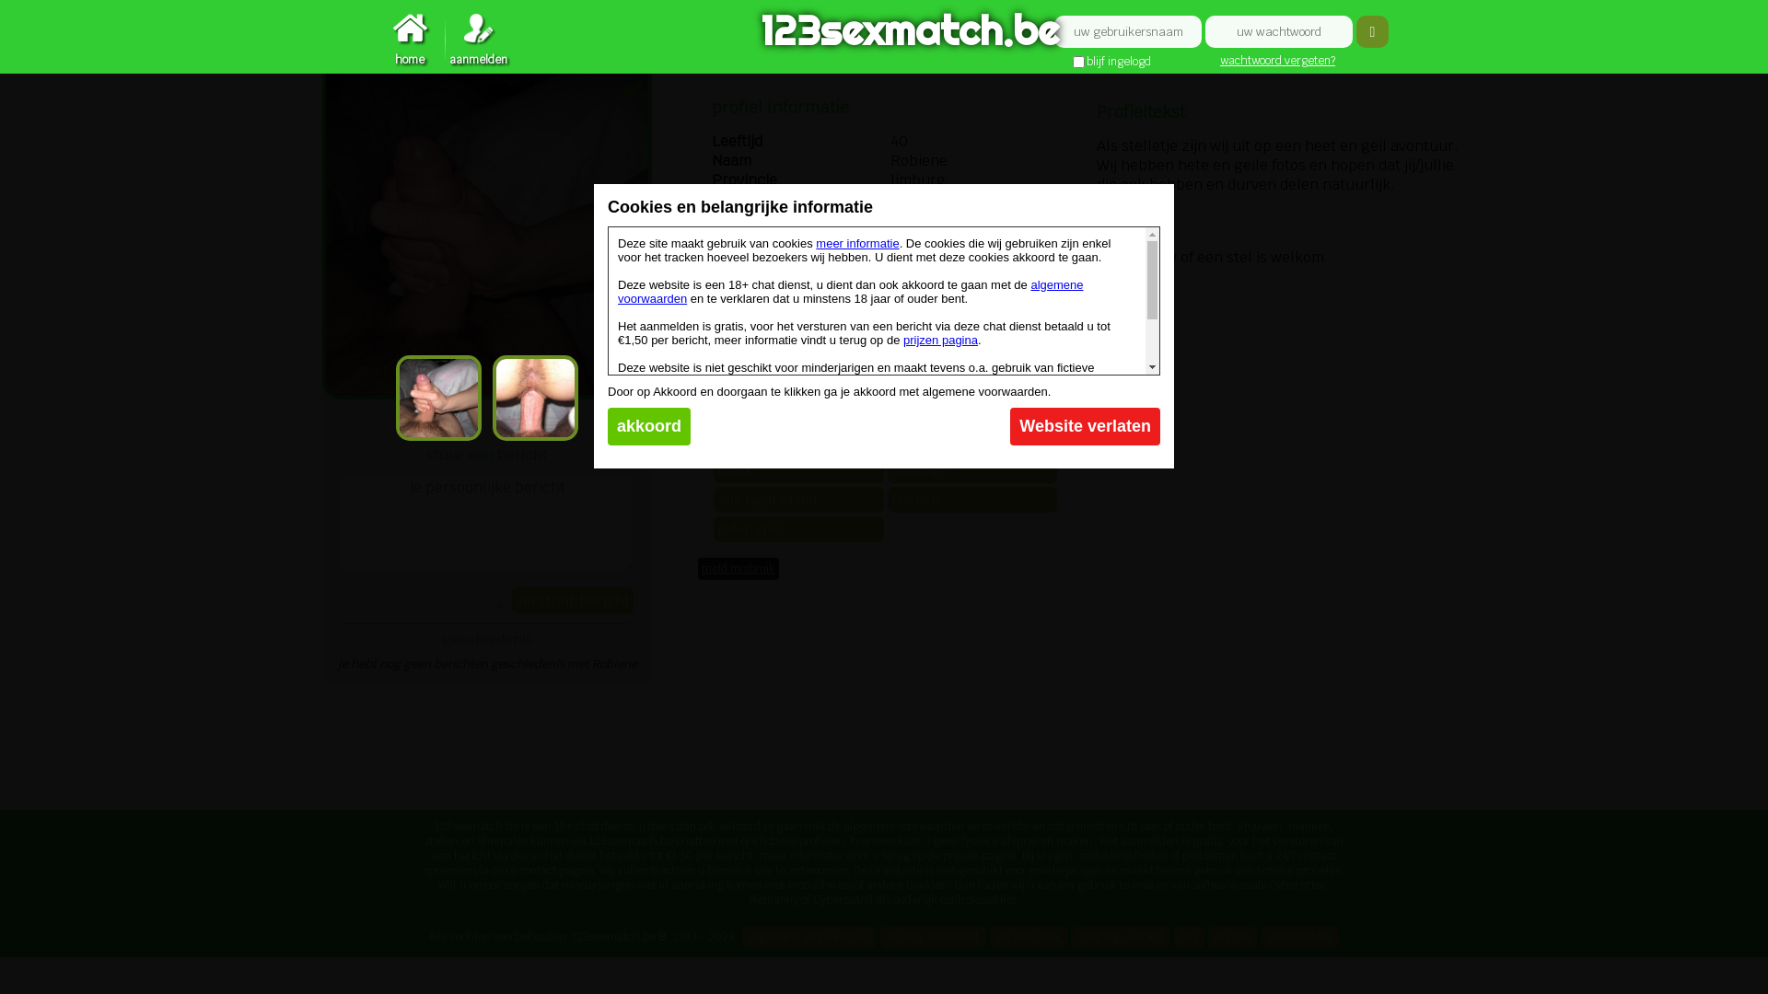 The width and height of the screenshot is (1768, 994). Describe the element at coordinates (409, 40) in the screenshot. I see `'home'` at that location.